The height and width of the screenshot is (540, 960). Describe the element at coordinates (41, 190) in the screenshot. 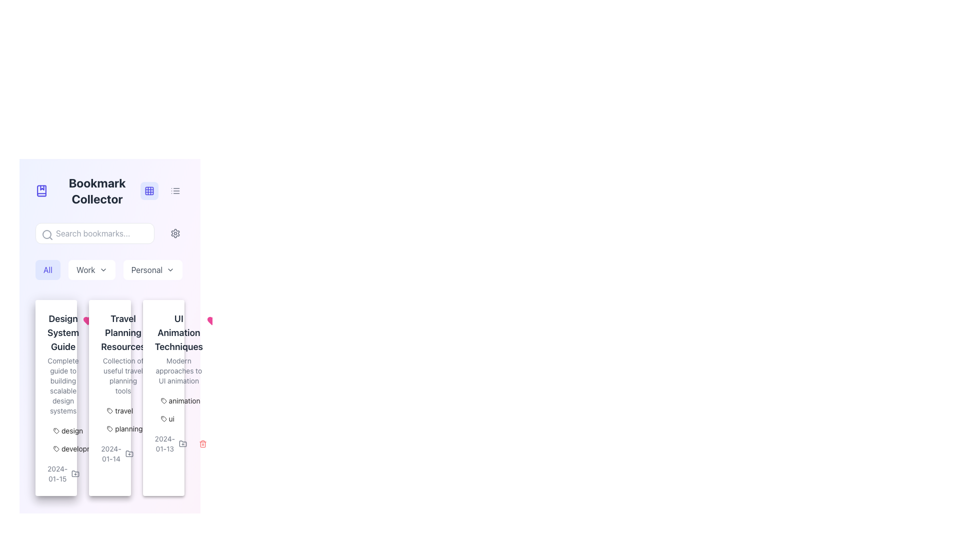

I see `the bookmarking icon located at the top-left corner of the display, next to the 'Bookmark Collector' text` at that location.